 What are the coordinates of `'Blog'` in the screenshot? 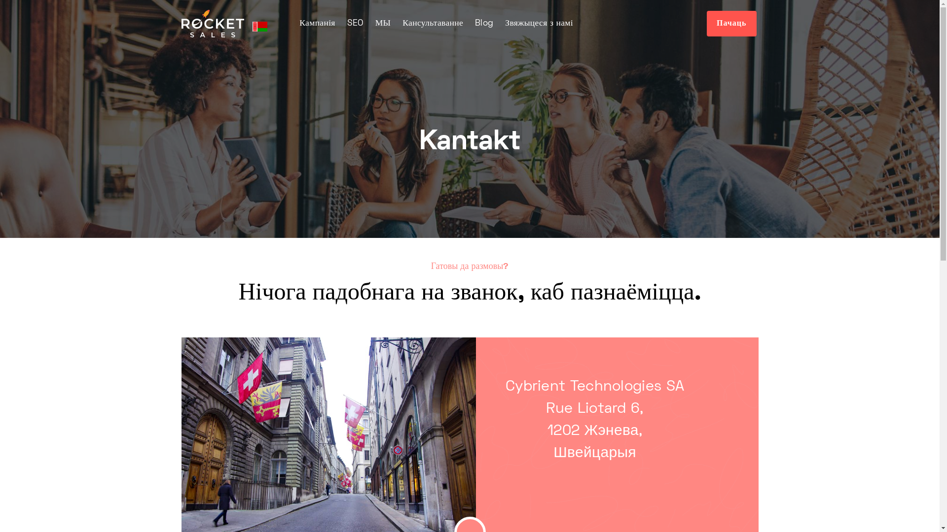 It's located at (484, 23).